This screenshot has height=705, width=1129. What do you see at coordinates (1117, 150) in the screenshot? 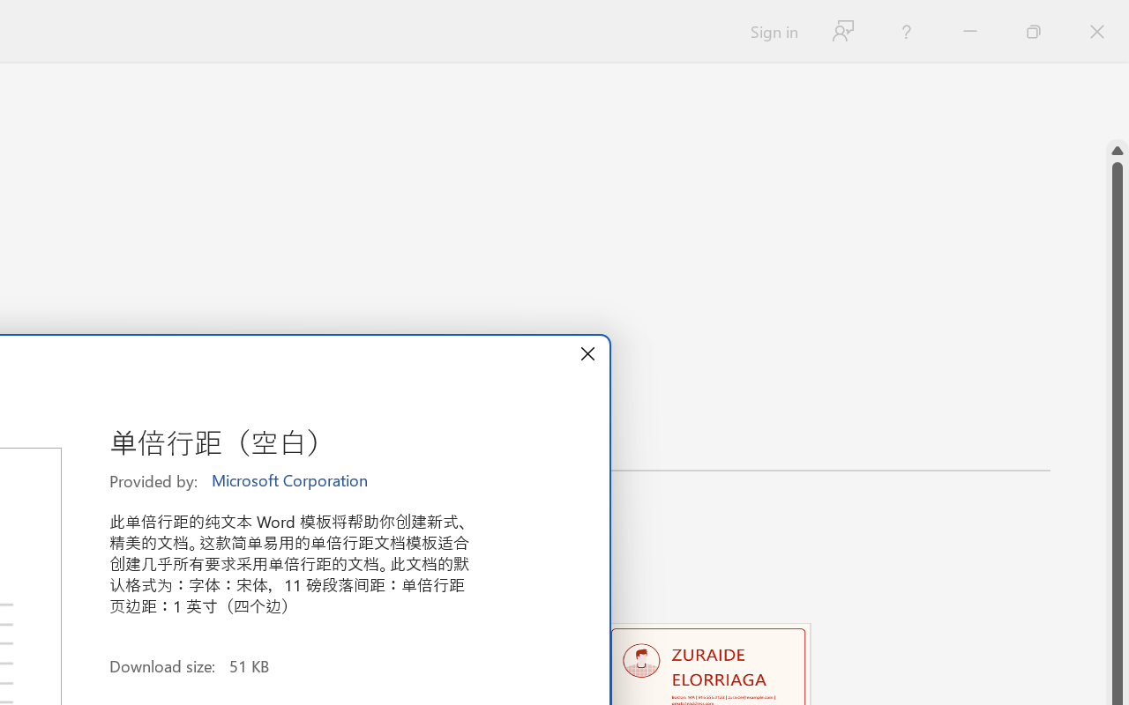
I see `'Line up'` at bounding box center [1117, 150].